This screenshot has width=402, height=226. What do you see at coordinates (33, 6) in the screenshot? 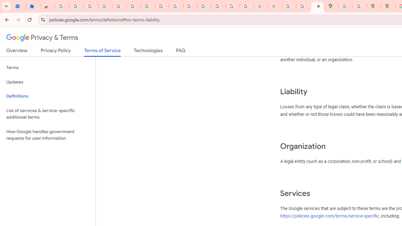
I see `'Extensions'` at bounding box center [33, 6].